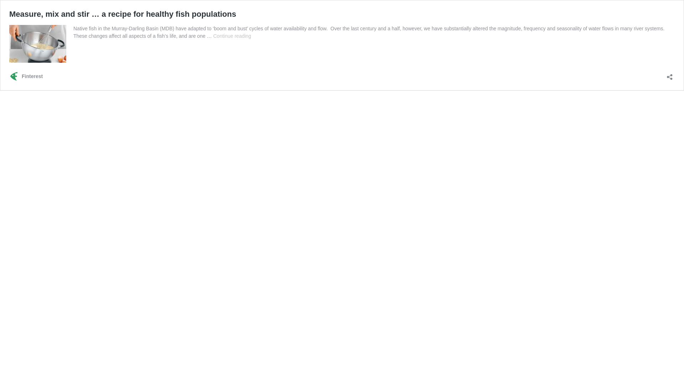  What do you see at coordinates (26, 76) in the screenshot?
I see `'Finterest'` at bounding box center [26, 76].